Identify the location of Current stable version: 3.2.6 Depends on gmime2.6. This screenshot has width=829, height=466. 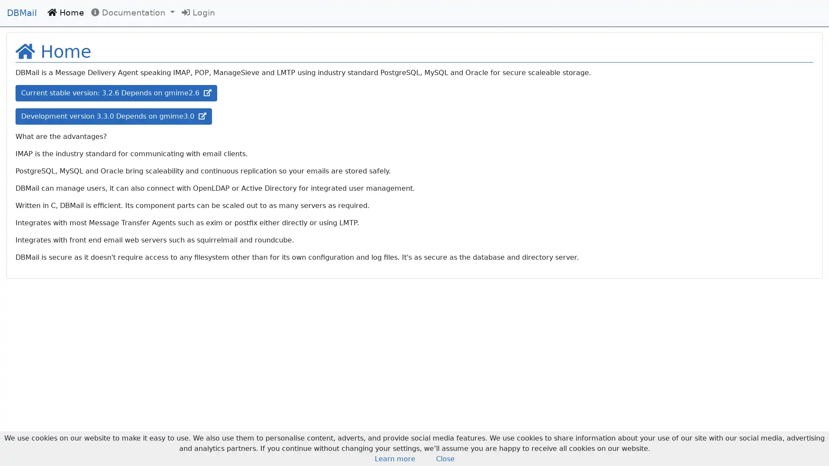
(116, 93).